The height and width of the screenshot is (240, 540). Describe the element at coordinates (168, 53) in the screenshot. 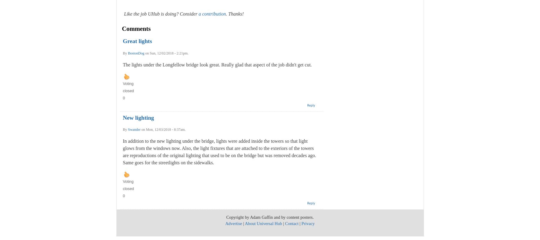

I see `'Sun, 12/02/2018 - 2:21pm'` at that location.